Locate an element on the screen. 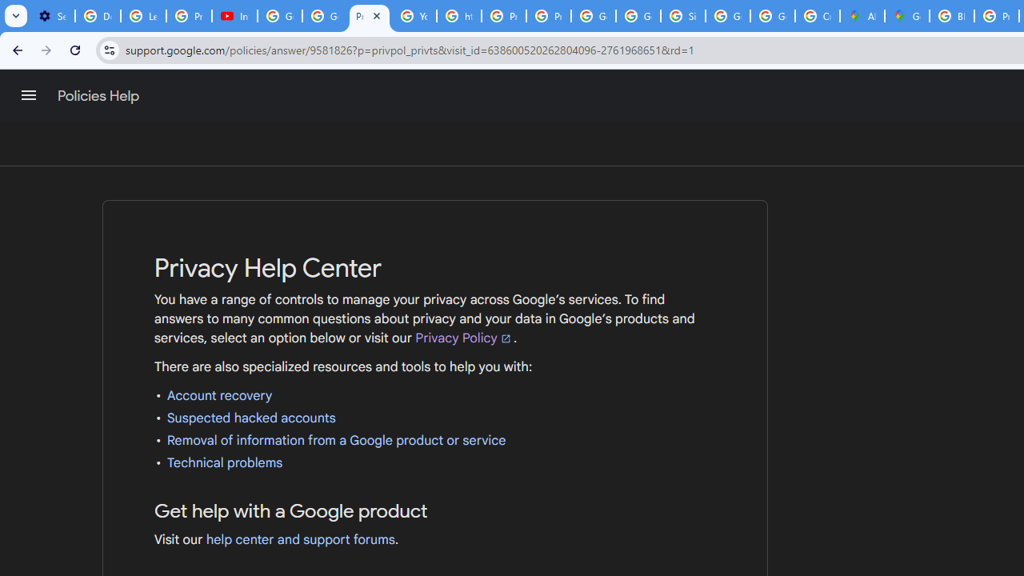 This screenshot has width=1024, height=576. 'Removal of information from a Google product or service' is located at coordinates (336, 440).